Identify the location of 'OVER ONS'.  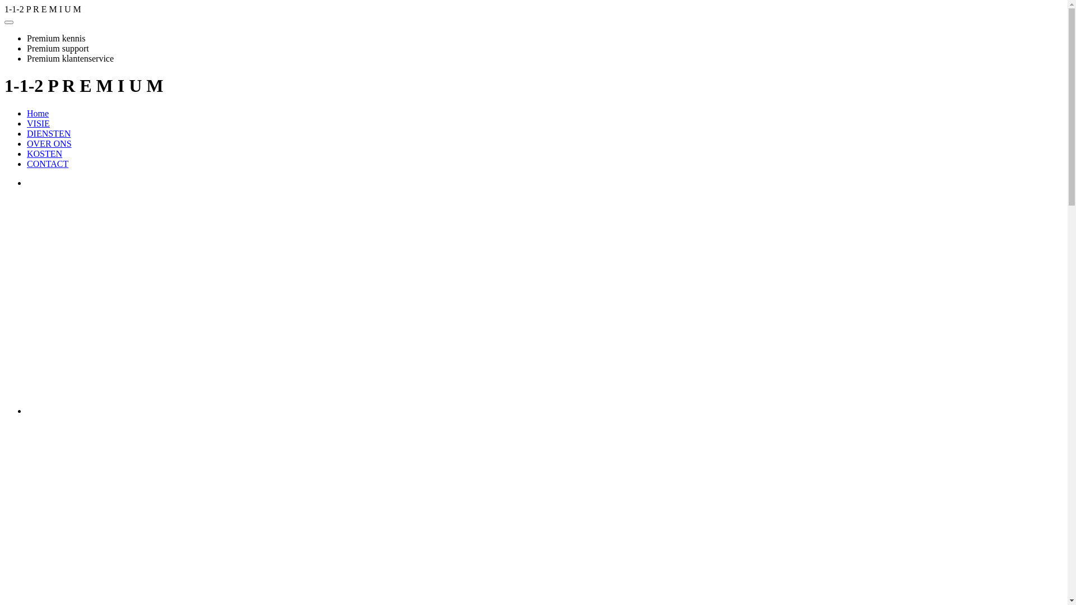
(27, 143).